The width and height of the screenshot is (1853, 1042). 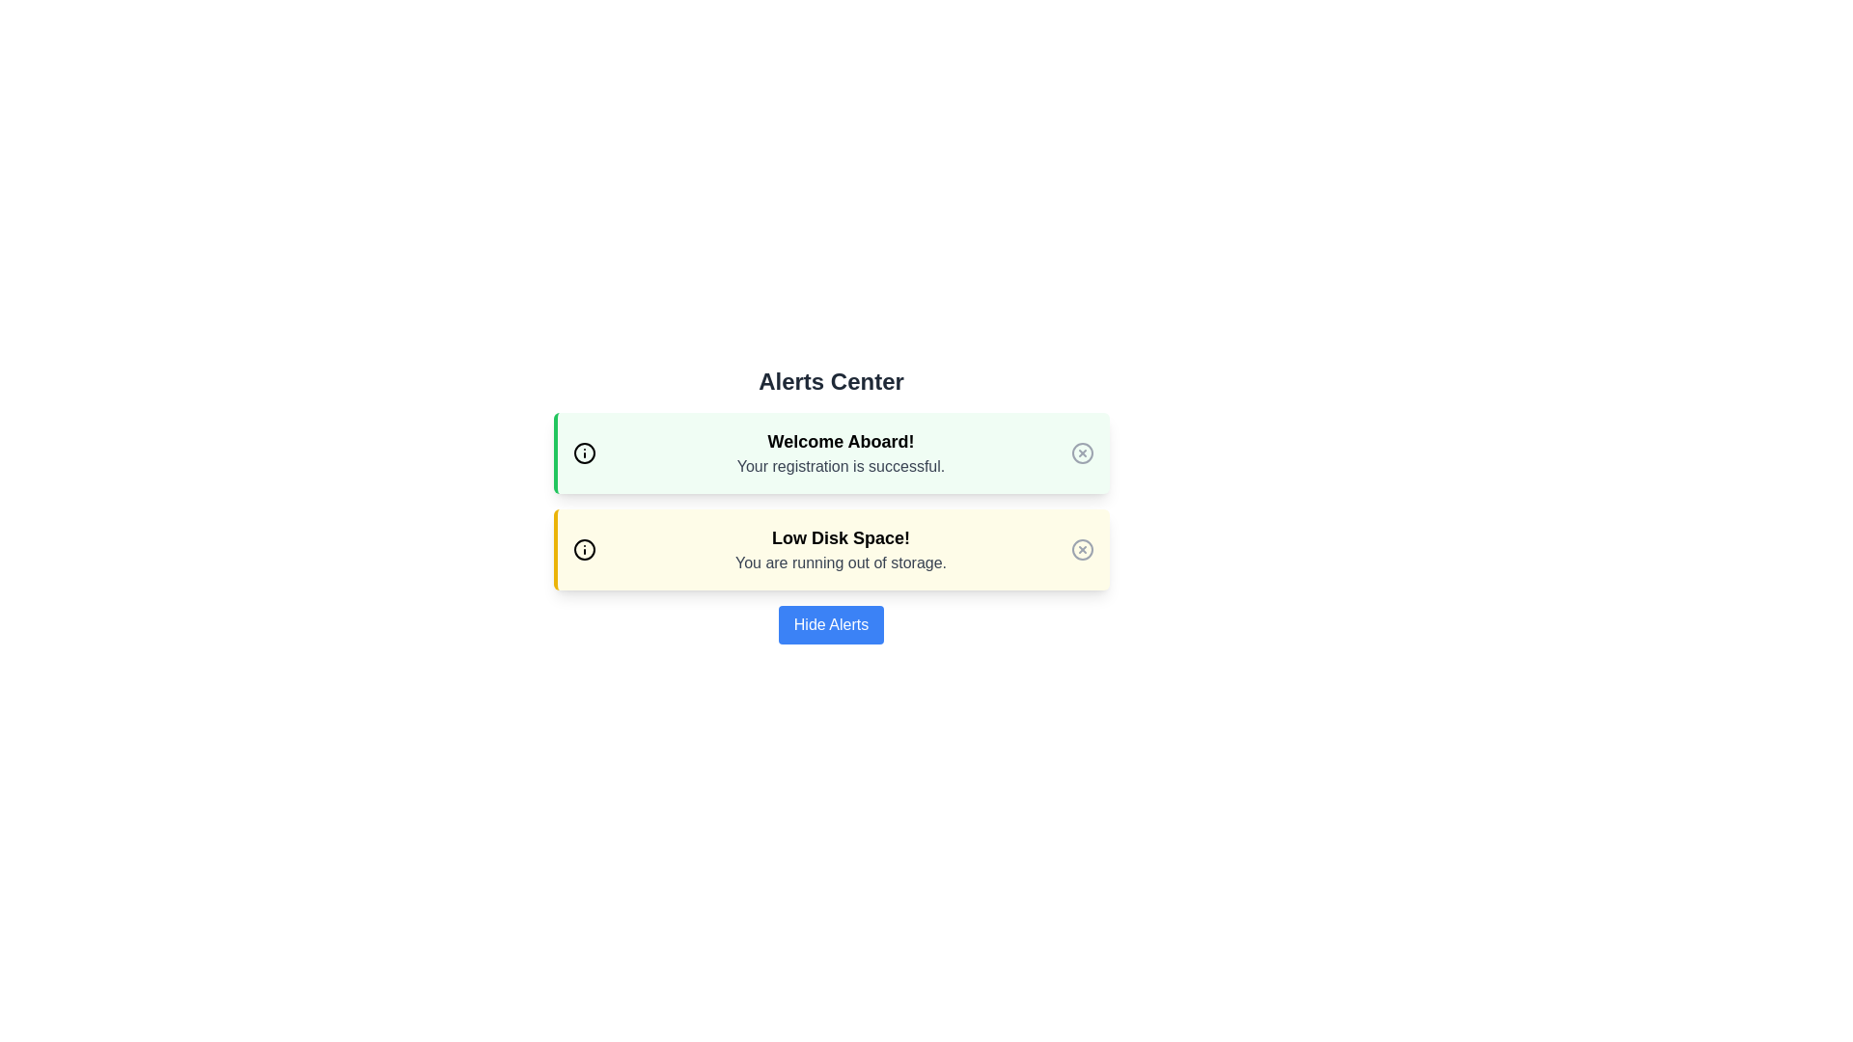 What do you see at coordinates (841, 466) in the screenshot?
I see `text label that displays 'Your registration is successful.' styled in gray, located below the title 'Welcome Aboard!' in a light green notification box` at bounding box center [841, 466].